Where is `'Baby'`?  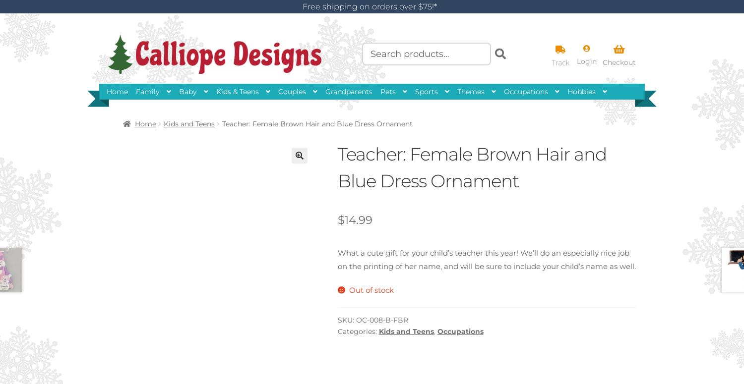 'Baby' is located at coordinates (188, 91).